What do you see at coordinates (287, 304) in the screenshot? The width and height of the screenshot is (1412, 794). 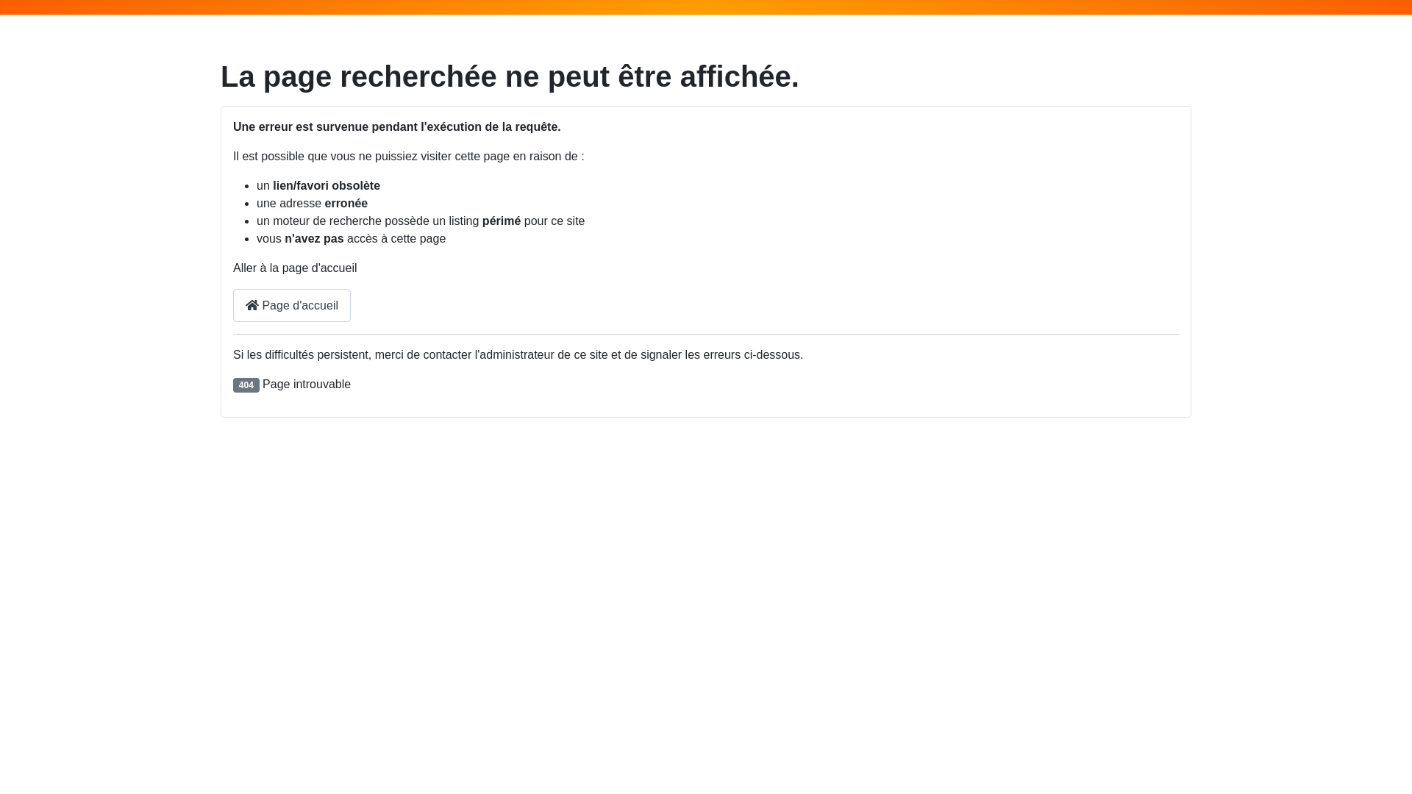 I see `'Page d'accueil'` at bounding box center [287, 304].